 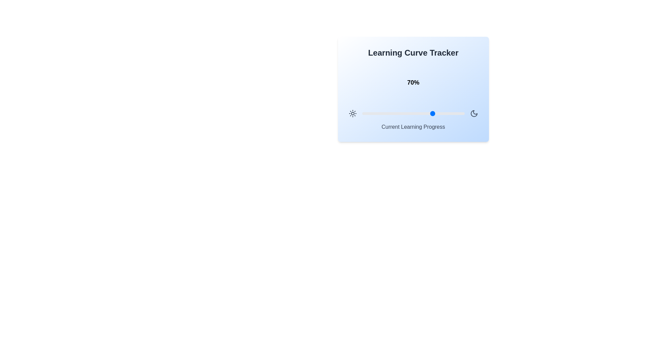 What do you see at coordinates (368, 113) in the screenshot?
I see `the learning progress slider to 6%` at bounding box center [368, 113].